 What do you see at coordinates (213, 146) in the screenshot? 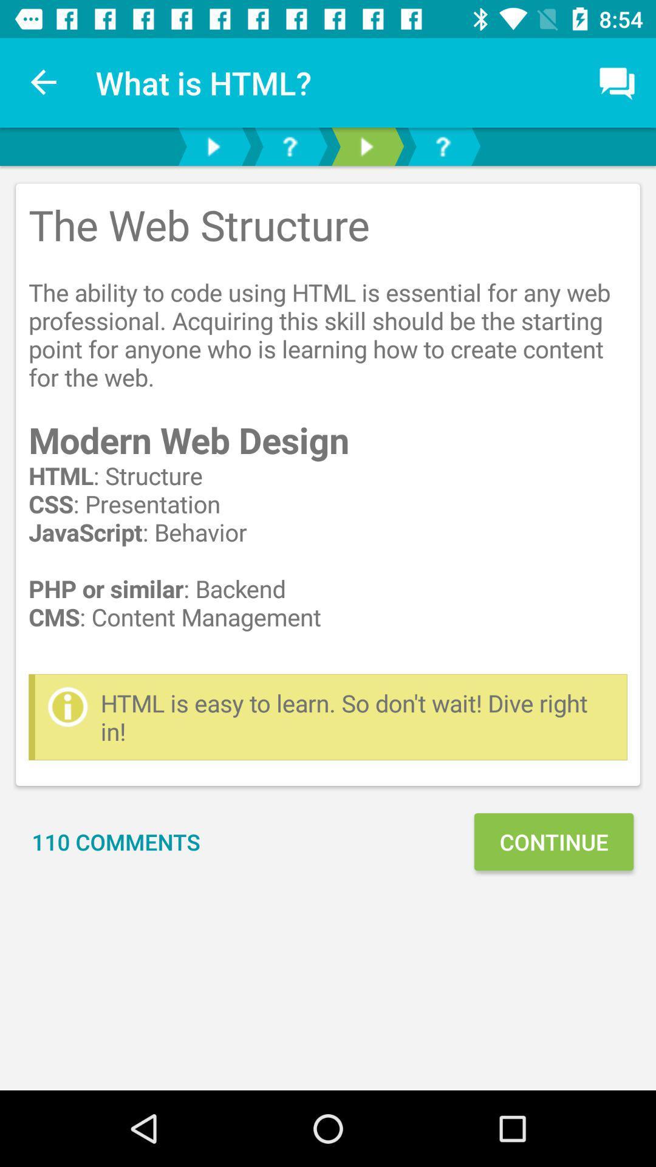
I see `see next page` at bounding box center [213, 146].